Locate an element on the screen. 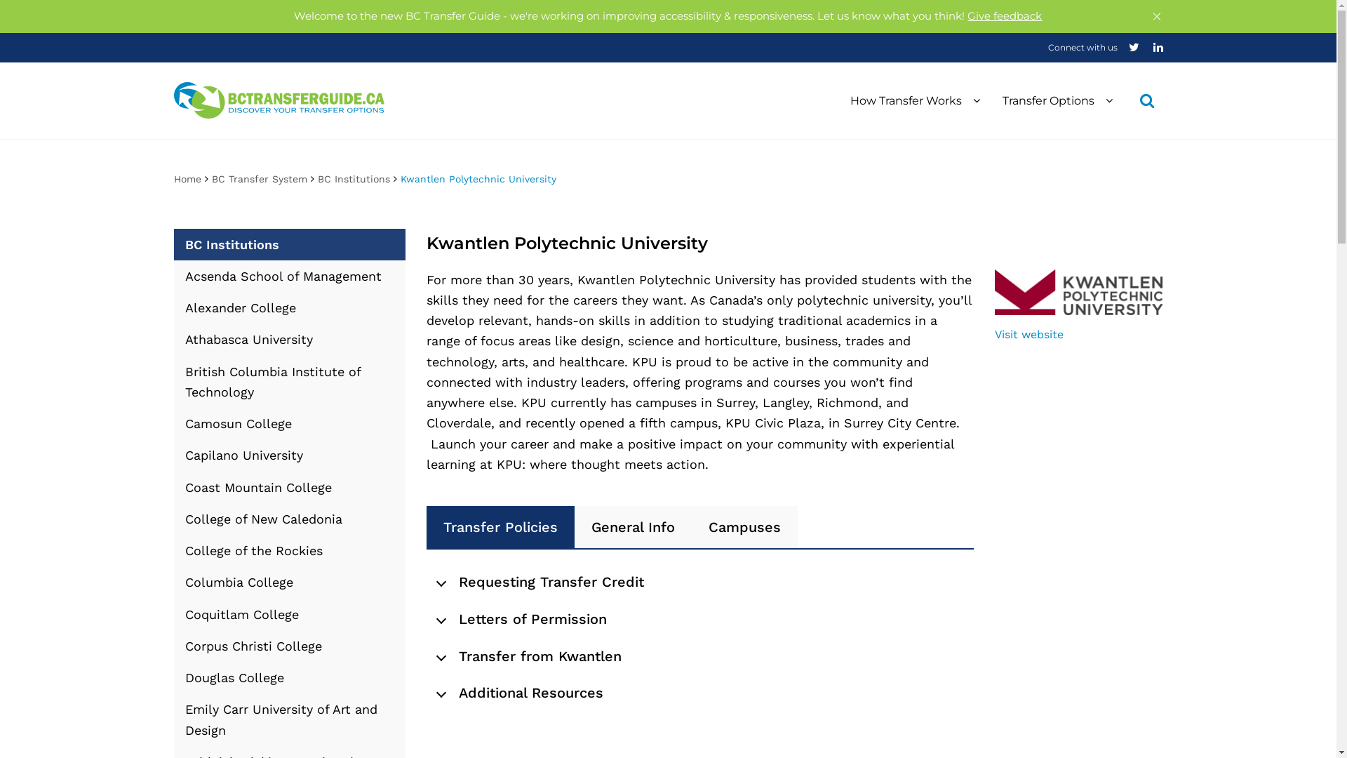  'College of the Rockies' is located at coordinates (288, 550).